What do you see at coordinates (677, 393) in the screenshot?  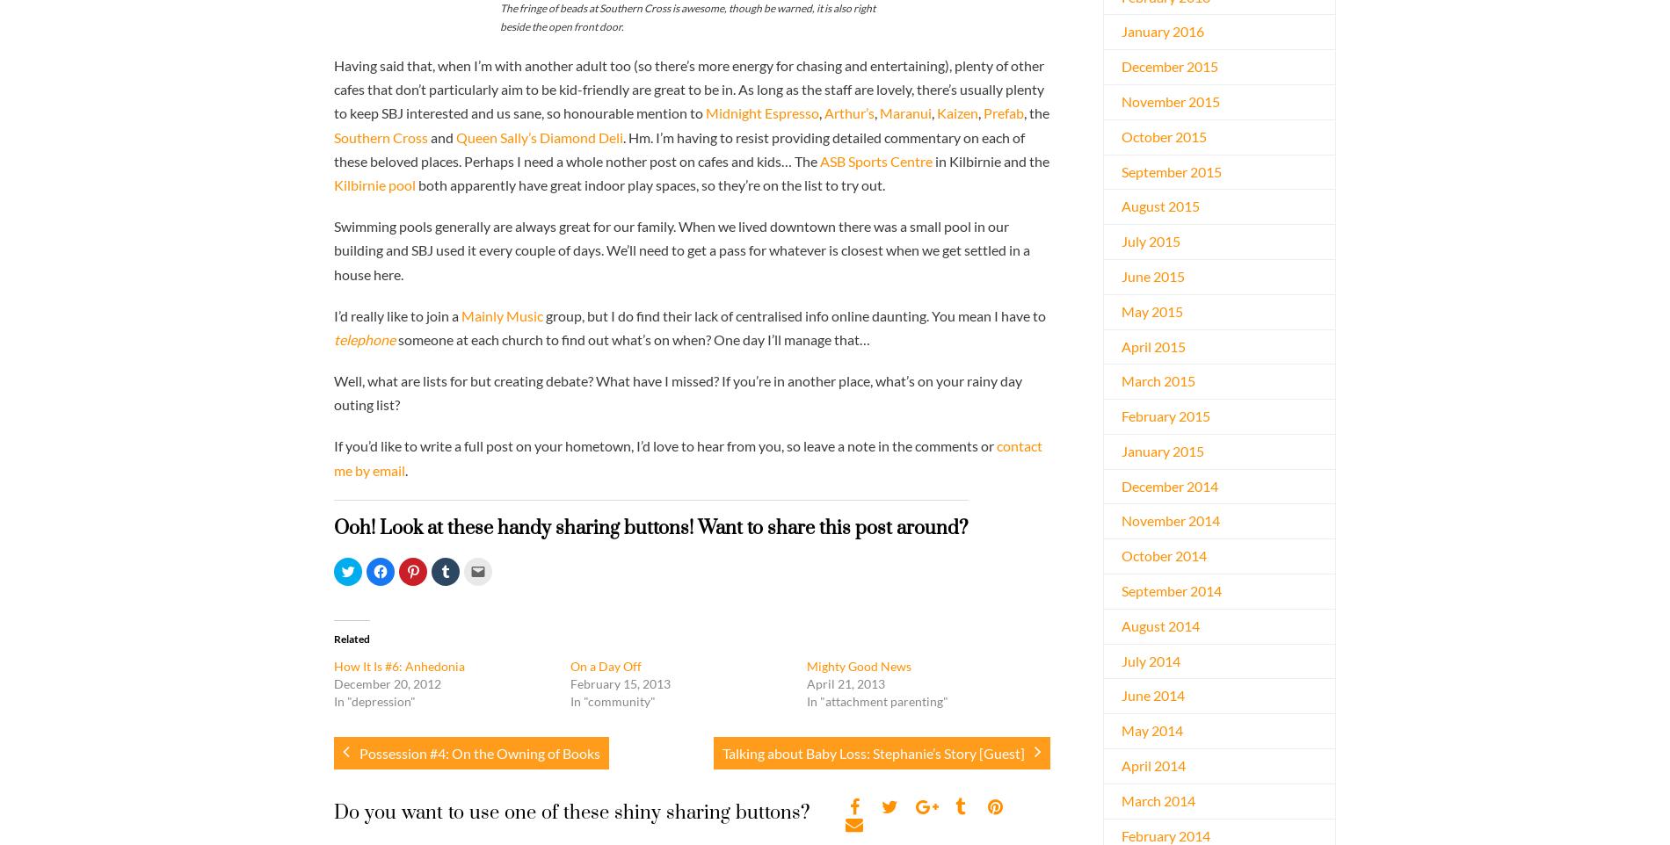 I see `'Well, what are lists for but creating debate? What have I missed? If you’re in another place, what’s on your rainy day outing list?'` at bounding box center [677, 393].